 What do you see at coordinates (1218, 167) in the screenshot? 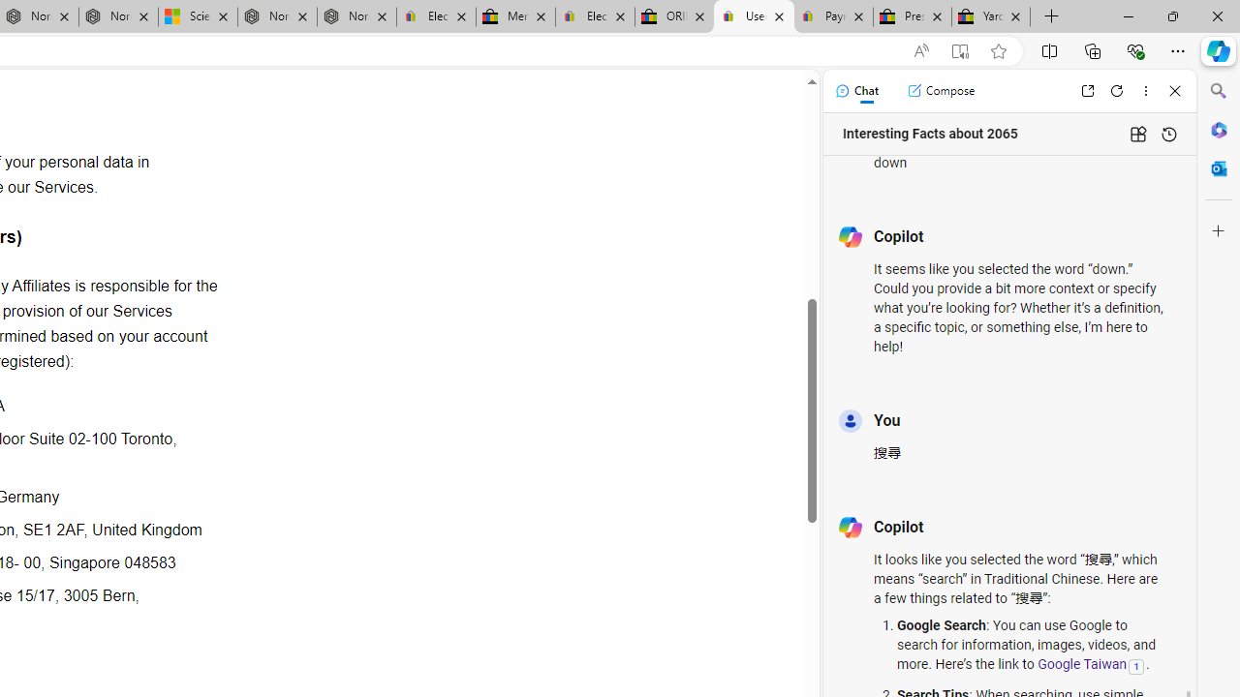
I see `'Outlook'` at bounding box center [1218, 167].